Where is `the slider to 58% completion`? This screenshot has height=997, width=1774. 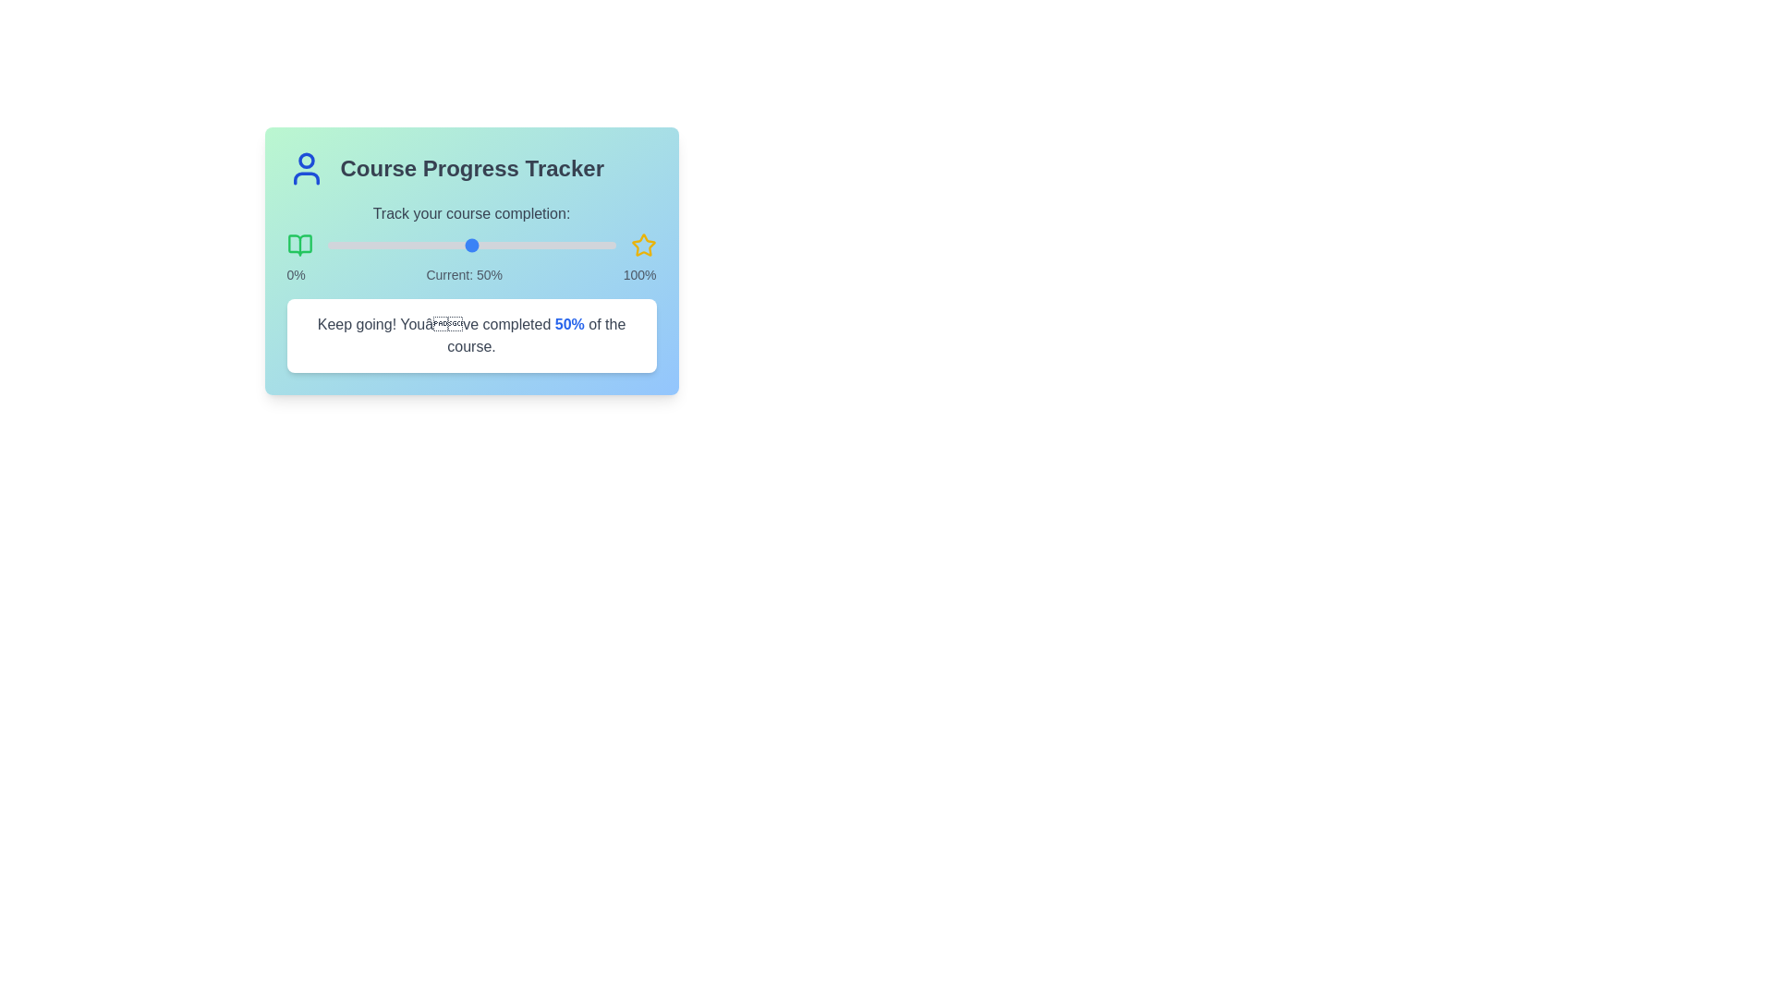
the slider to 58% completion is located at coordinates (494, 245).